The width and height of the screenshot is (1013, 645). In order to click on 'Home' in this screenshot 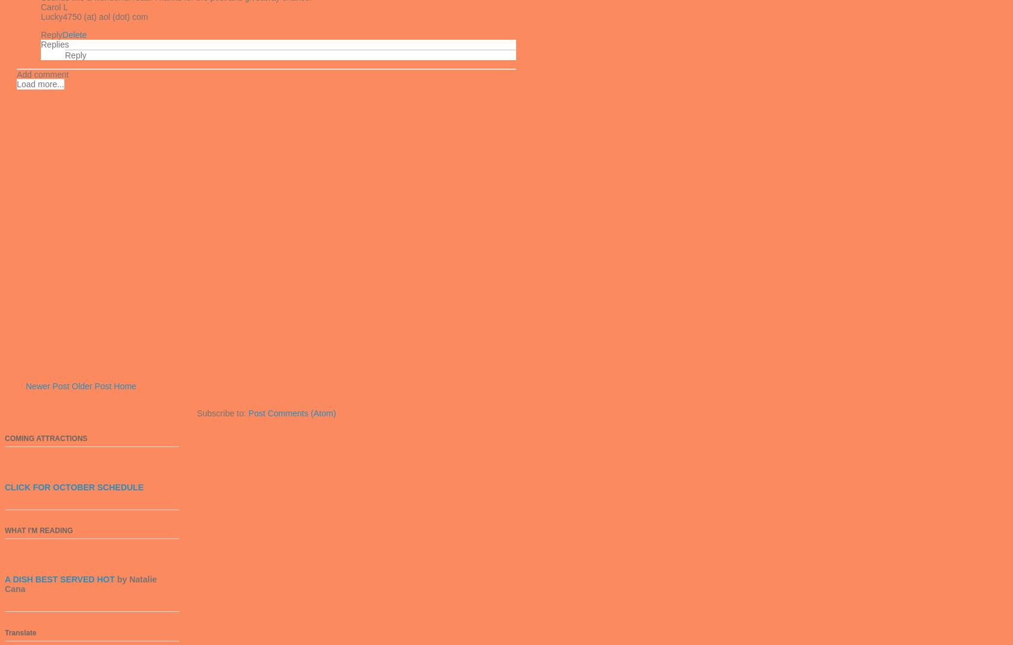, I will do `click(124, 386)`.